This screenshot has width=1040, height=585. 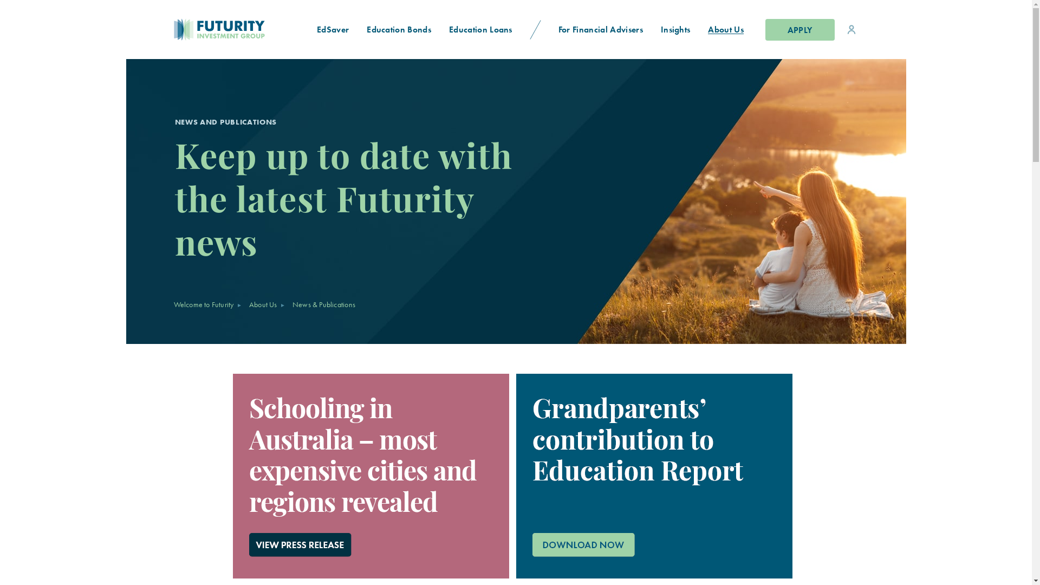 I want to click on 'Futurity | Investment Group', so click(x=183, y=29).